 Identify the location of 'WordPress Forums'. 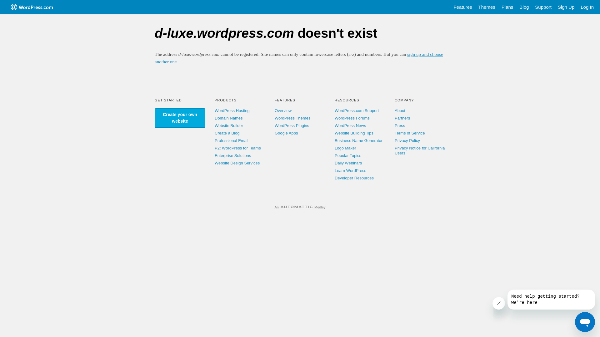
(352, 118).